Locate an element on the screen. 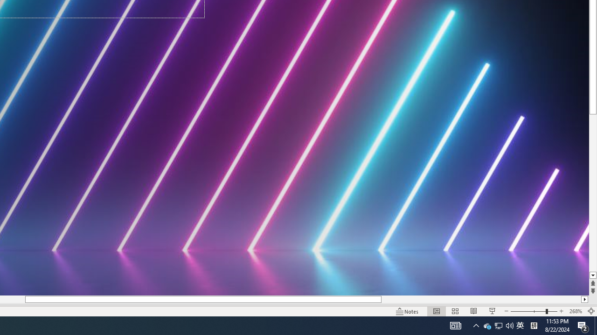 The height and width of the screenshot is (335, 597). 'Notes ' is located at coordinates (408, 311).